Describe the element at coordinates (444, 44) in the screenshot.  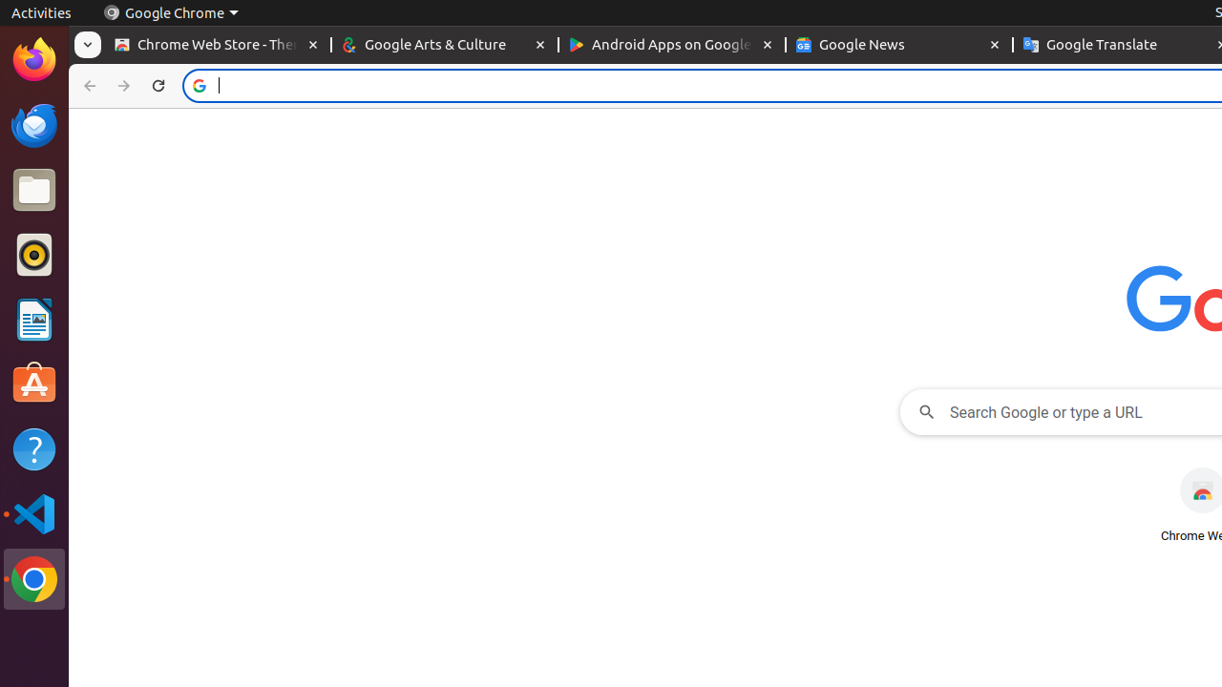
I see `'Google Arts & Culture - Memory usage - 58.4 MB'` at that location.